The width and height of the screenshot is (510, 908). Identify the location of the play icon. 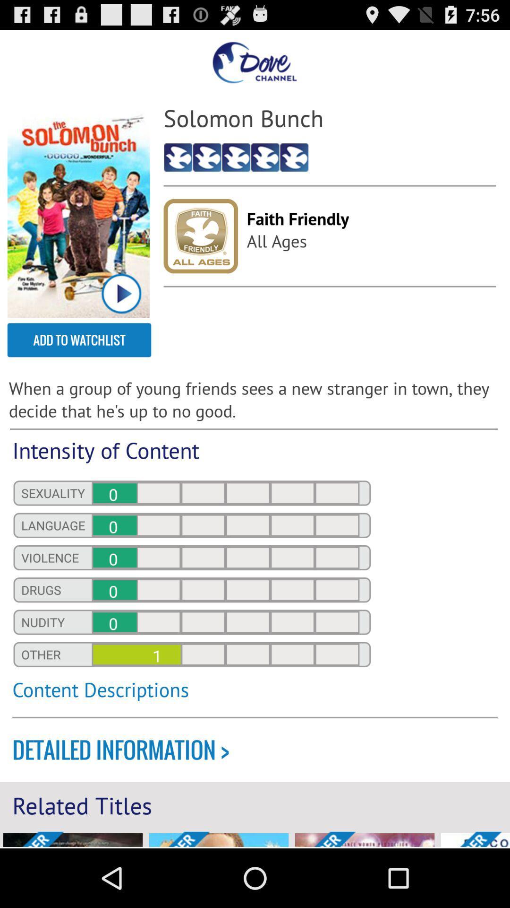
(121, 314).